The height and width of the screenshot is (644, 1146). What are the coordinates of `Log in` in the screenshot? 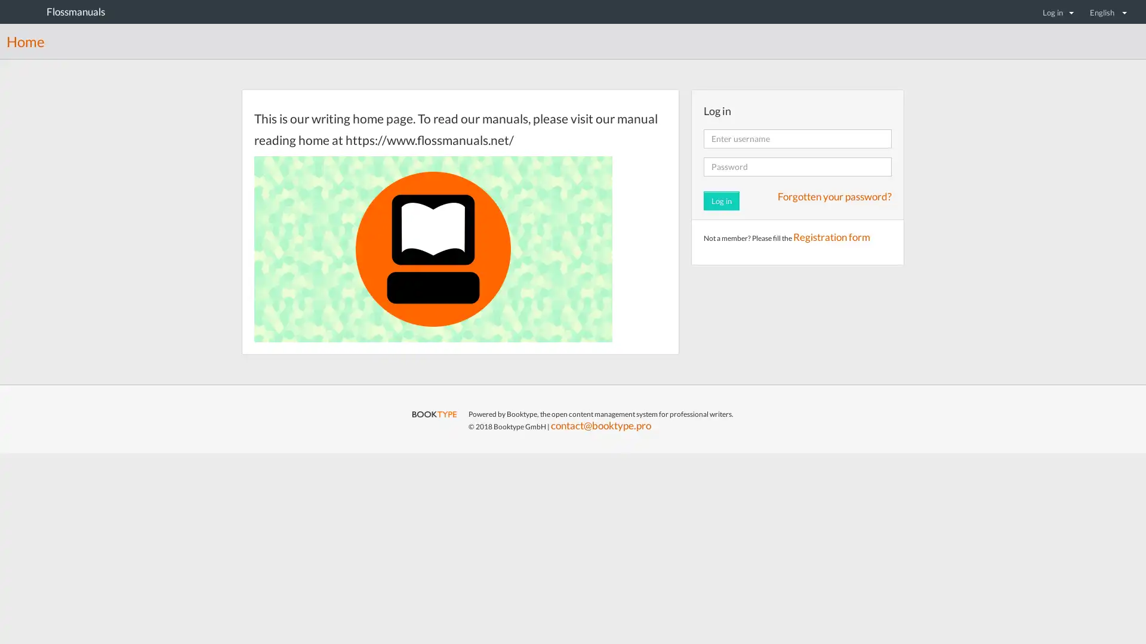 It's located at (721, 200).